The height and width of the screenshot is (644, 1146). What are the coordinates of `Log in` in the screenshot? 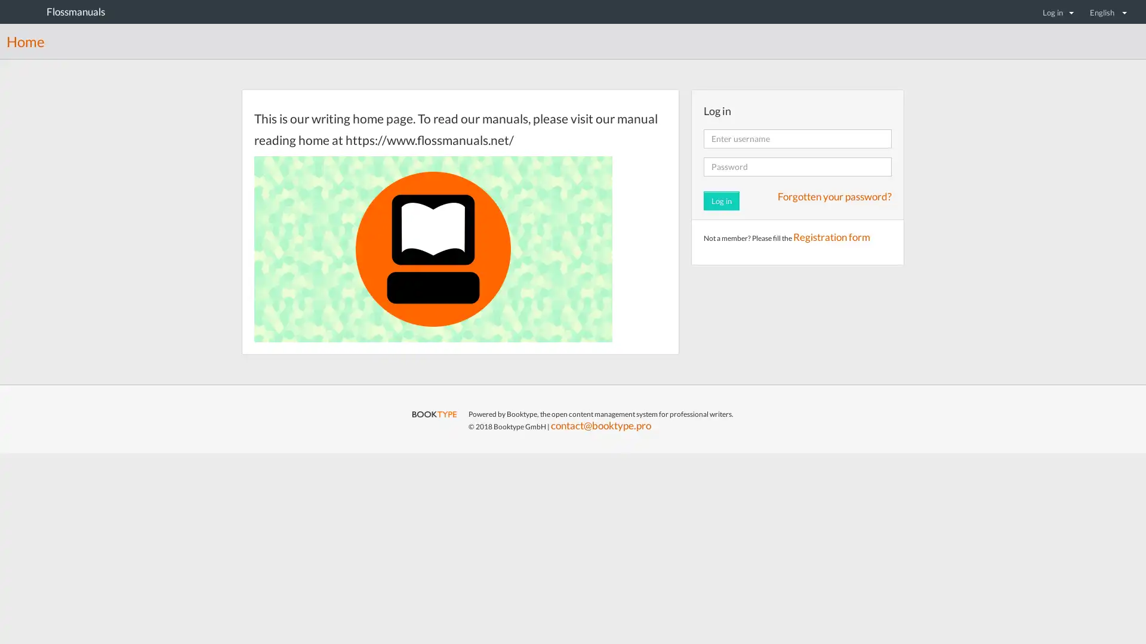 It's located at (721, 200).